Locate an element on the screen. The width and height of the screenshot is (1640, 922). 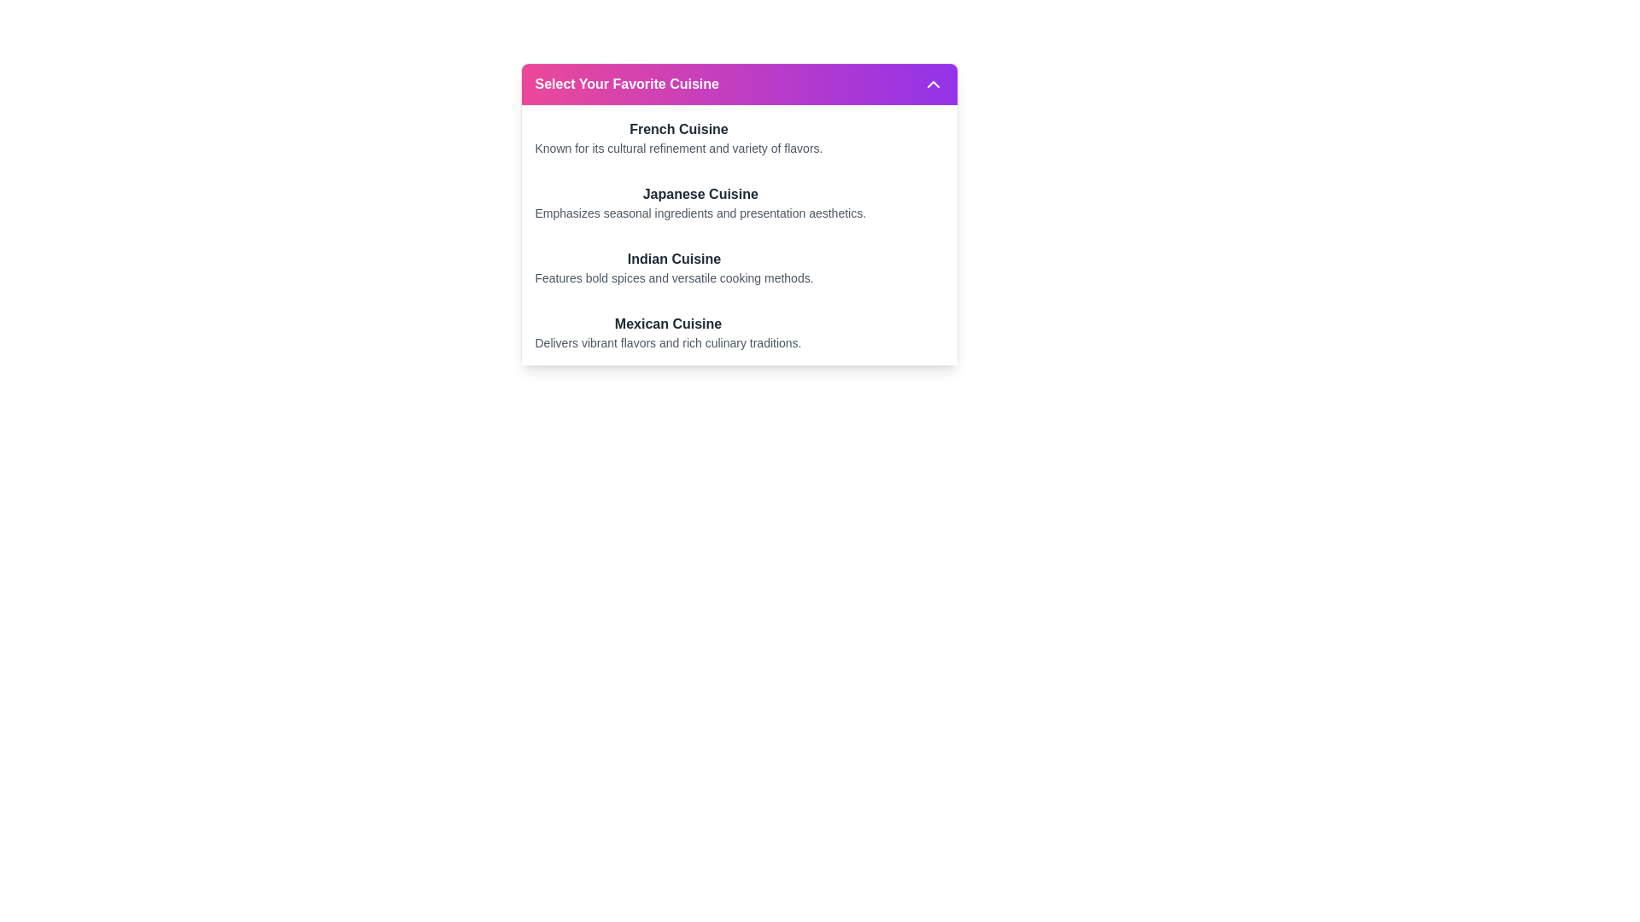
displayed text of the Informational display block that shows 'Indian Cuisine' and its description about bold spices and versatile cooking methods is located at coordinates (739, 267).